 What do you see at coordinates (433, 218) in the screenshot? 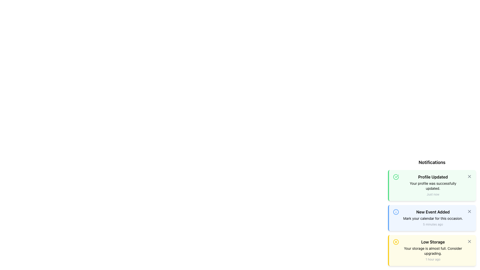
I see `the static text element that contains the message 'Mark your calendar for this occasion.' which is positioned between 'New Event Added' and '5 minutes ago.' in the notification block` at bounding box center [433, 218].